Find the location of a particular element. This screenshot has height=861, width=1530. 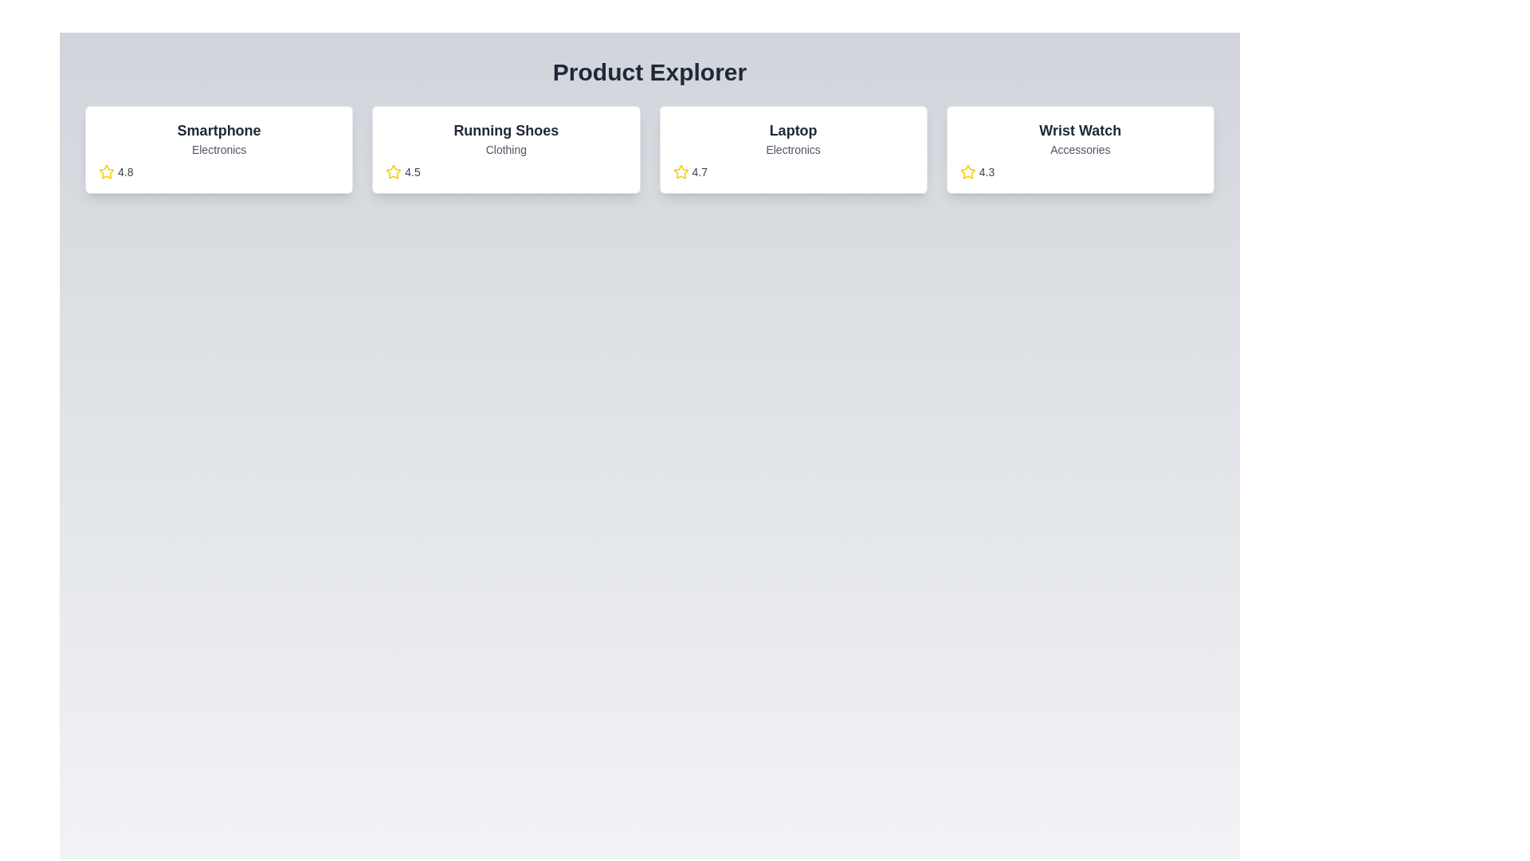

the yellow star icon indicating a rating functionality is located at coordinates (394, 171).